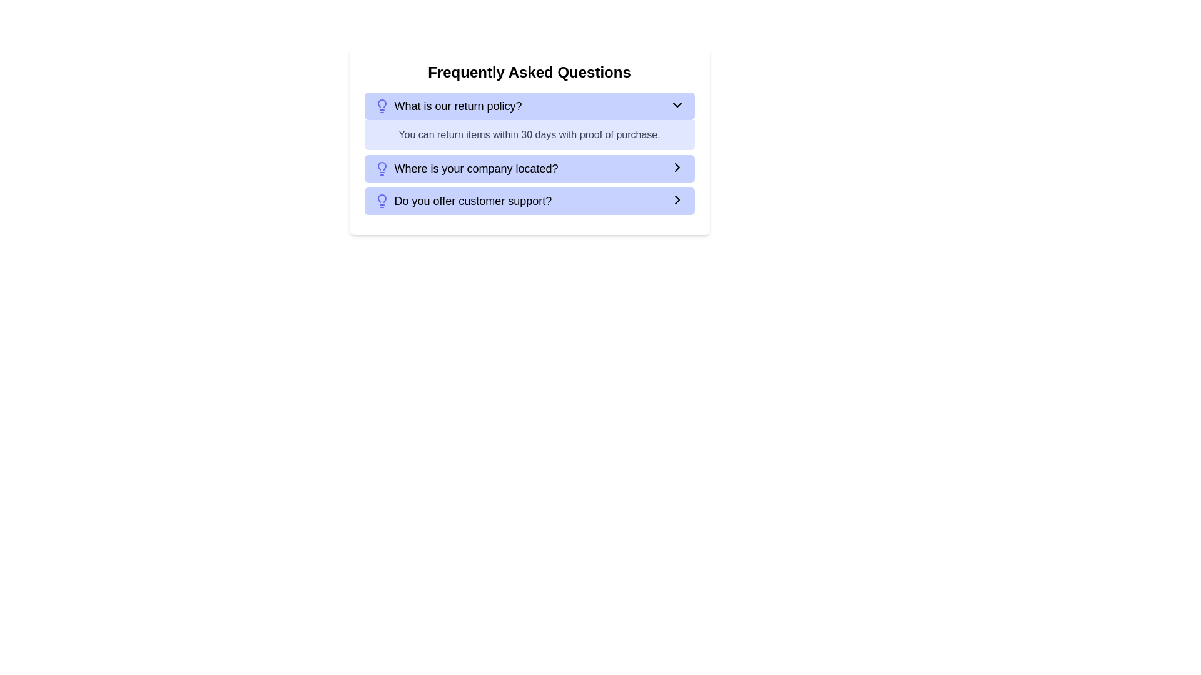  I want to click on the icon that visually represents the question 'What is our return policy?' located in the FAQ section, positioned to the left of the question text, so click(381, 105).